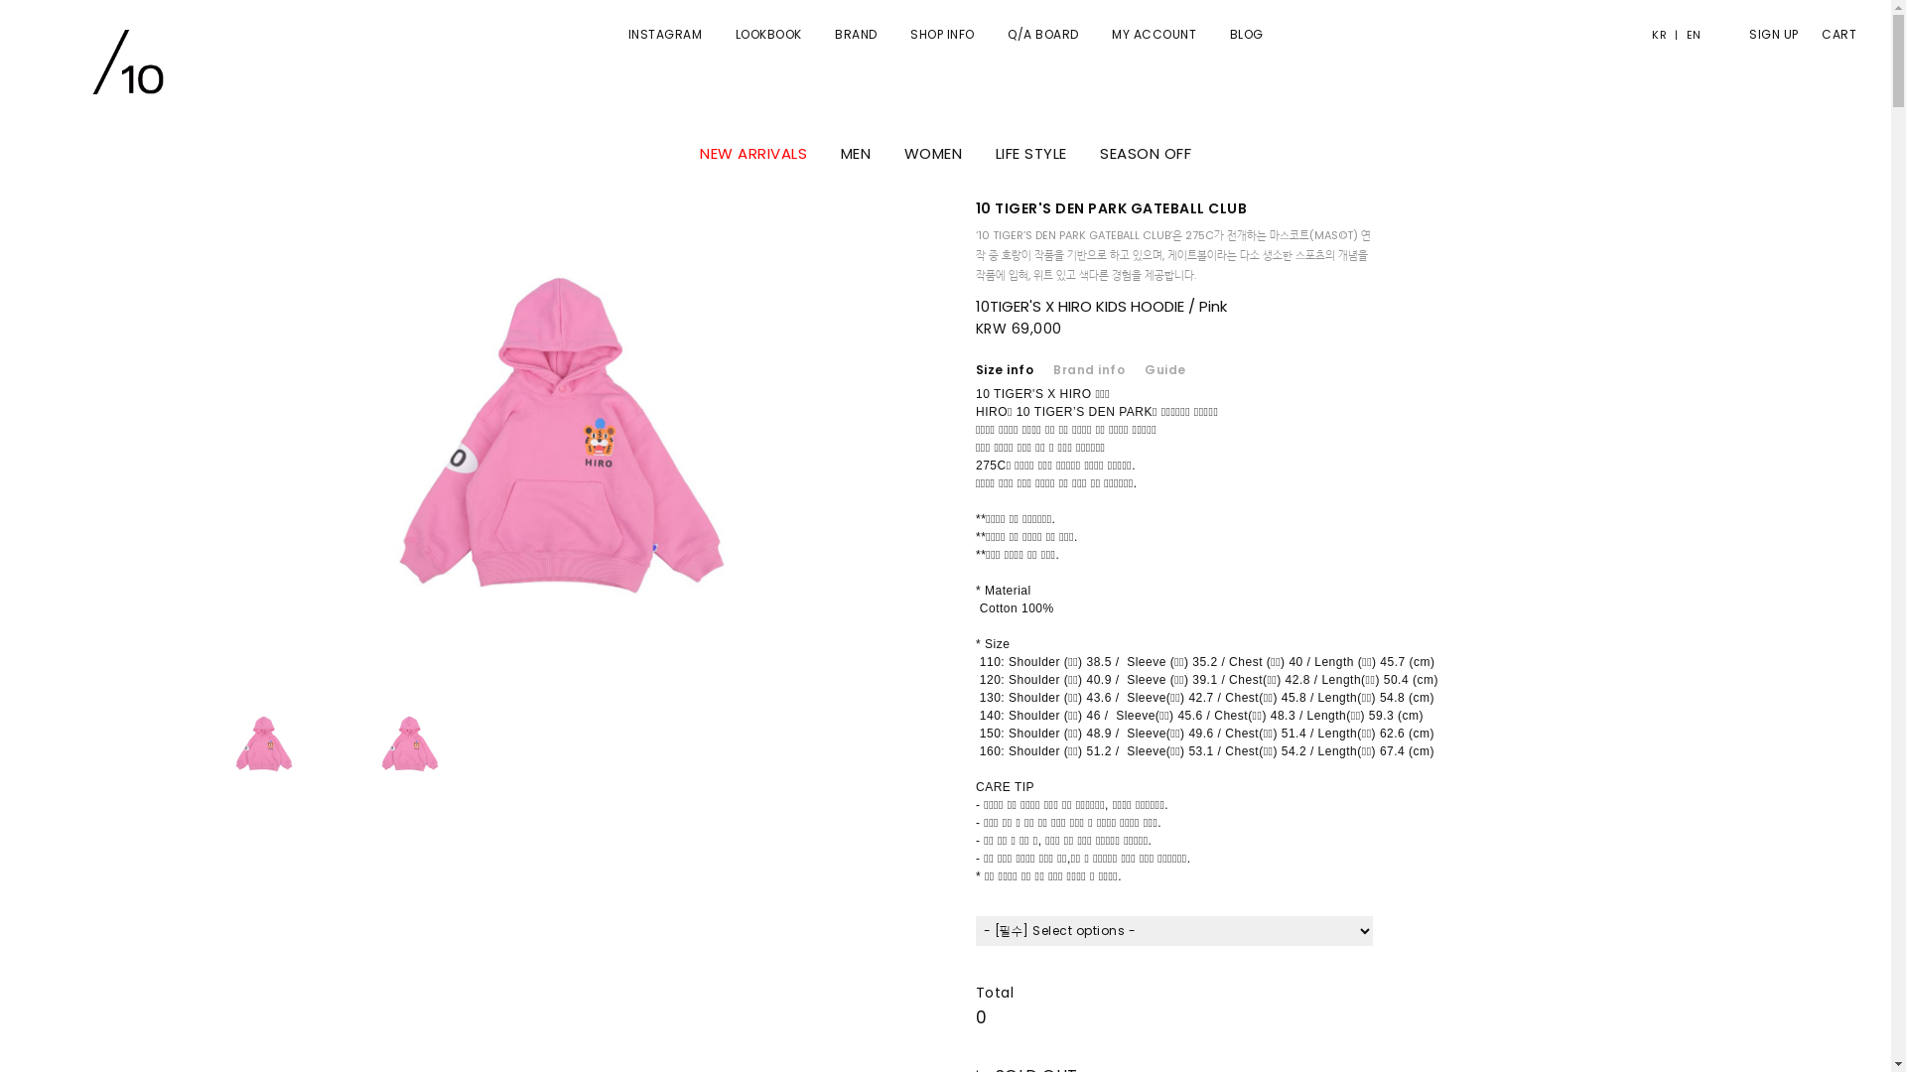 This screenshot has width=1906, height=1072. Describe the element at coordinates (1688, 34) in the screenshot. I see `'EN'` at that location.